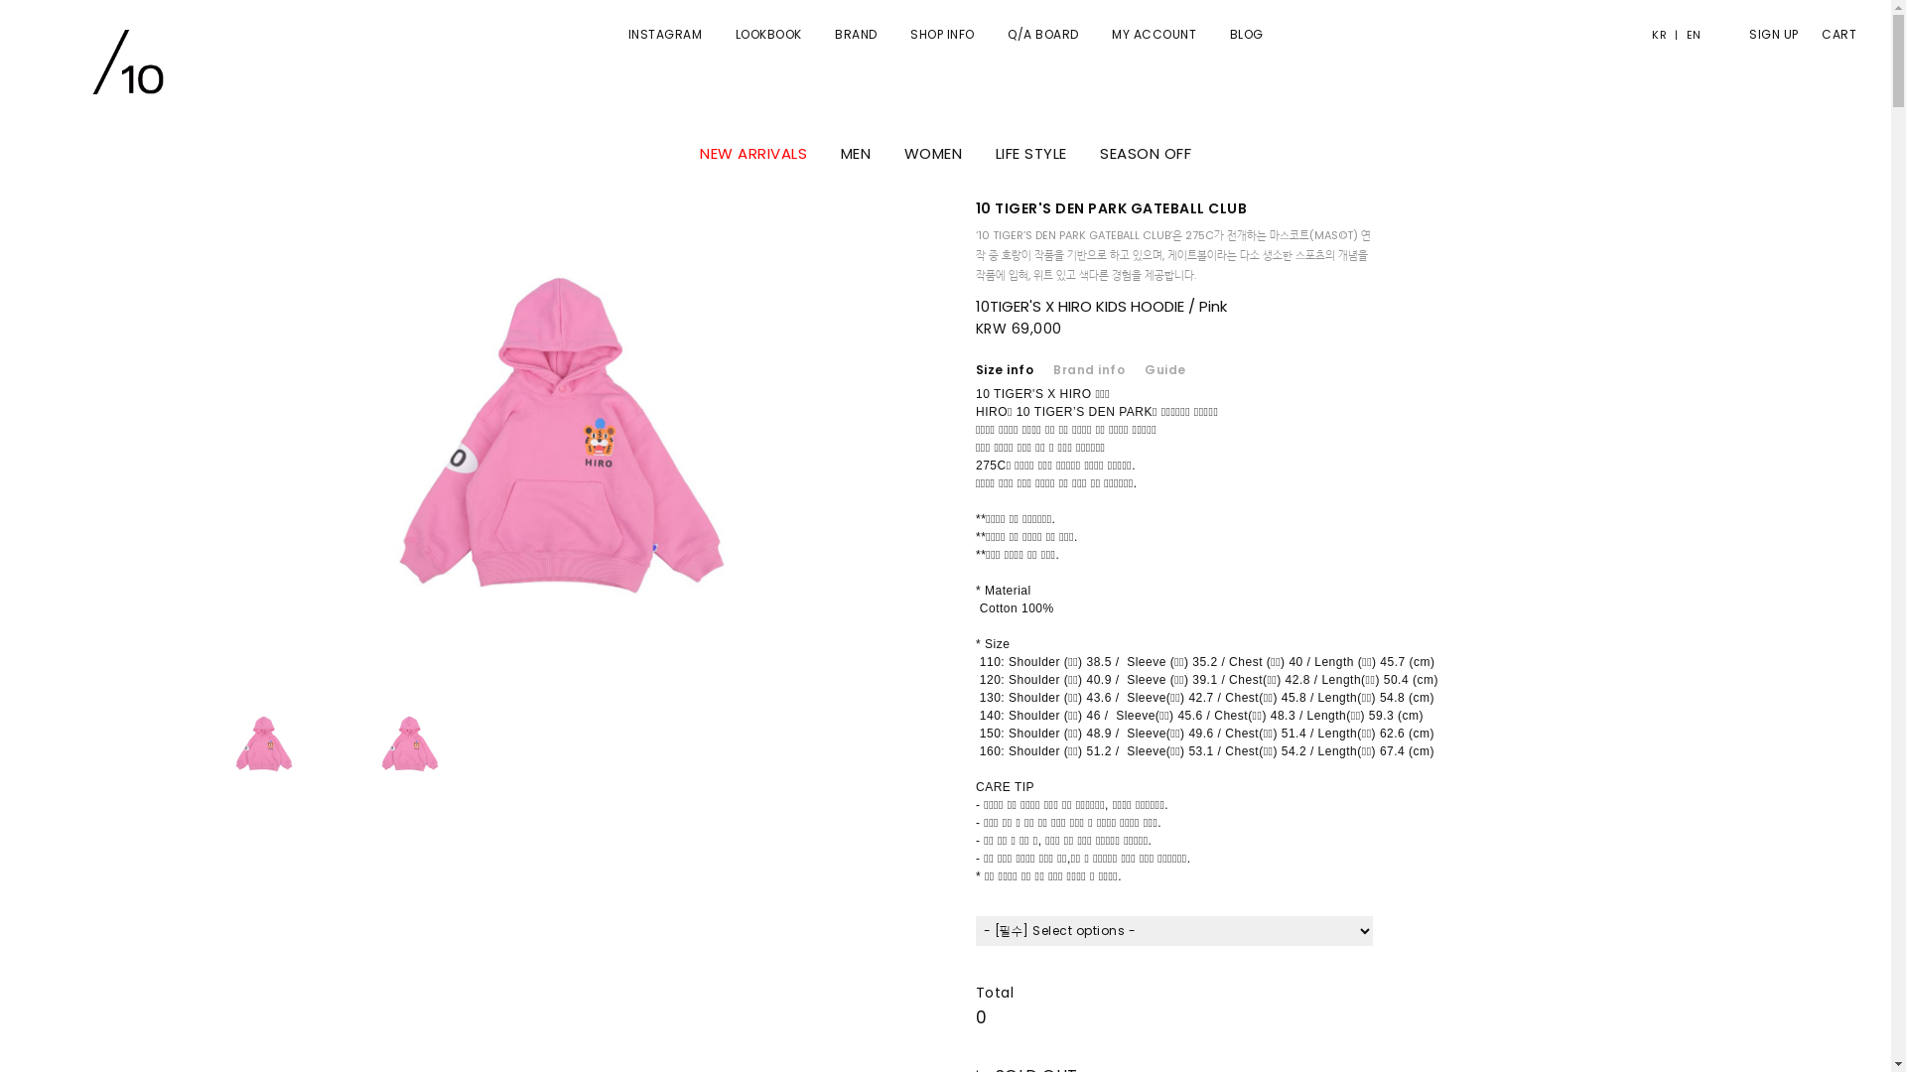 This screenshot has width=1906, height=1072. Describe the element at coordinates (1688, 34) in the screenshot. I see `'EN'` at that location.